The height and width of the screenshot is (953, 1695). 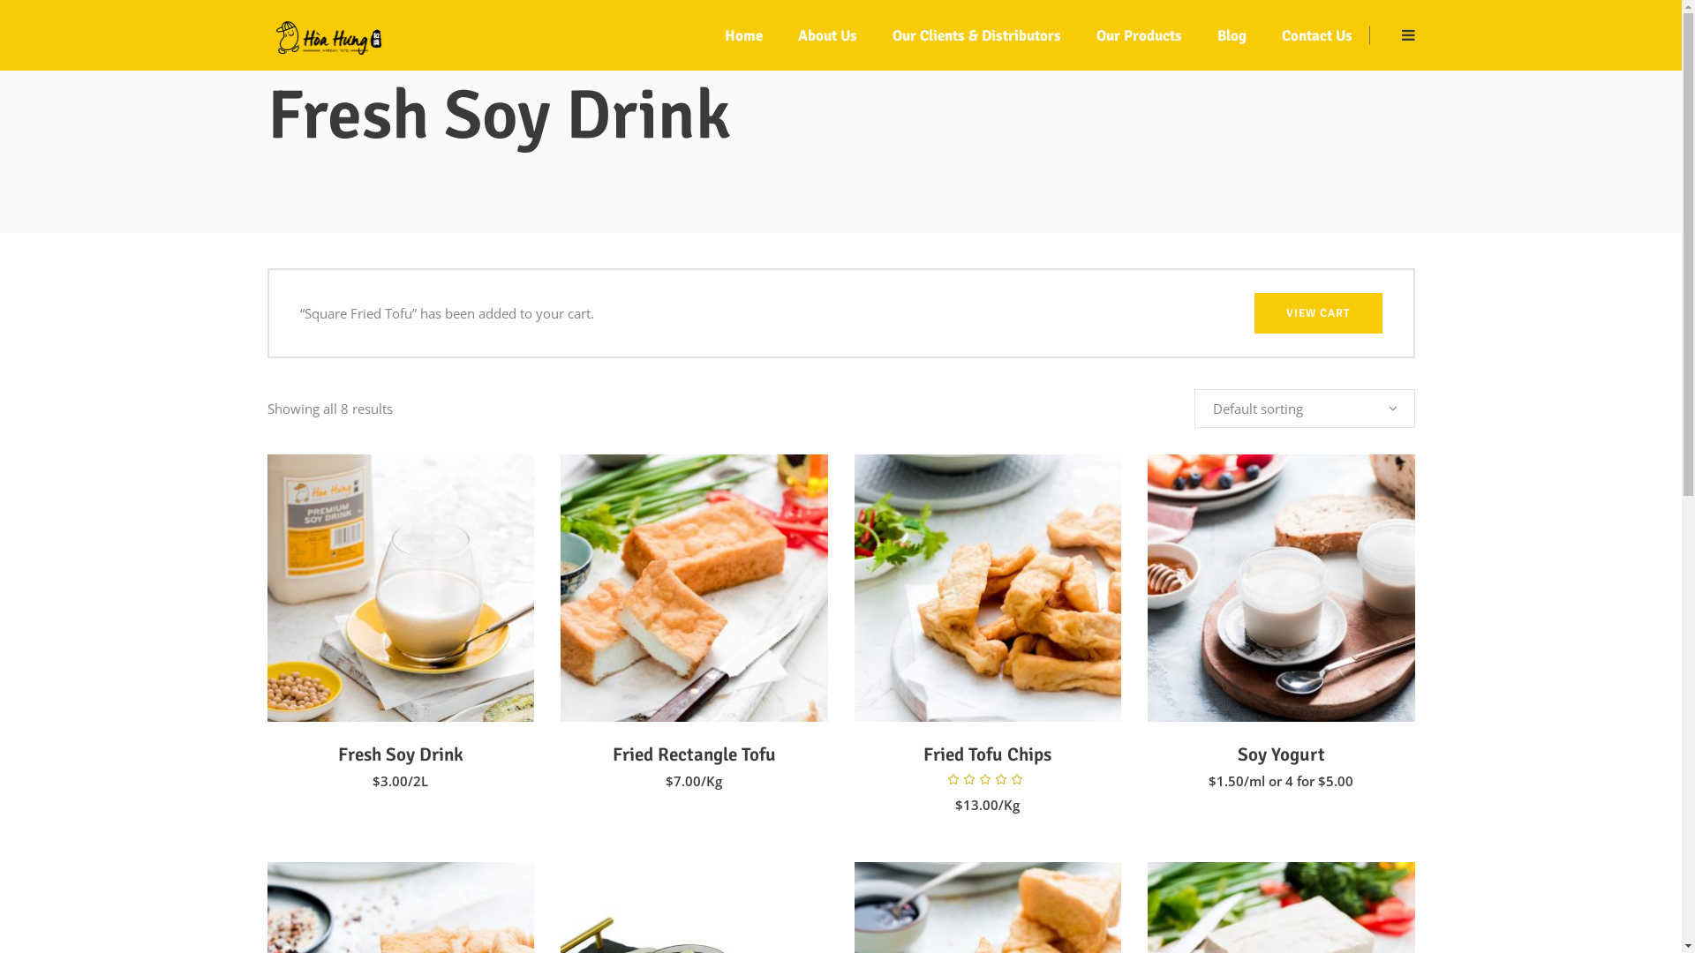 I want to click on 'Our Products', so click(x=1139, y=34).